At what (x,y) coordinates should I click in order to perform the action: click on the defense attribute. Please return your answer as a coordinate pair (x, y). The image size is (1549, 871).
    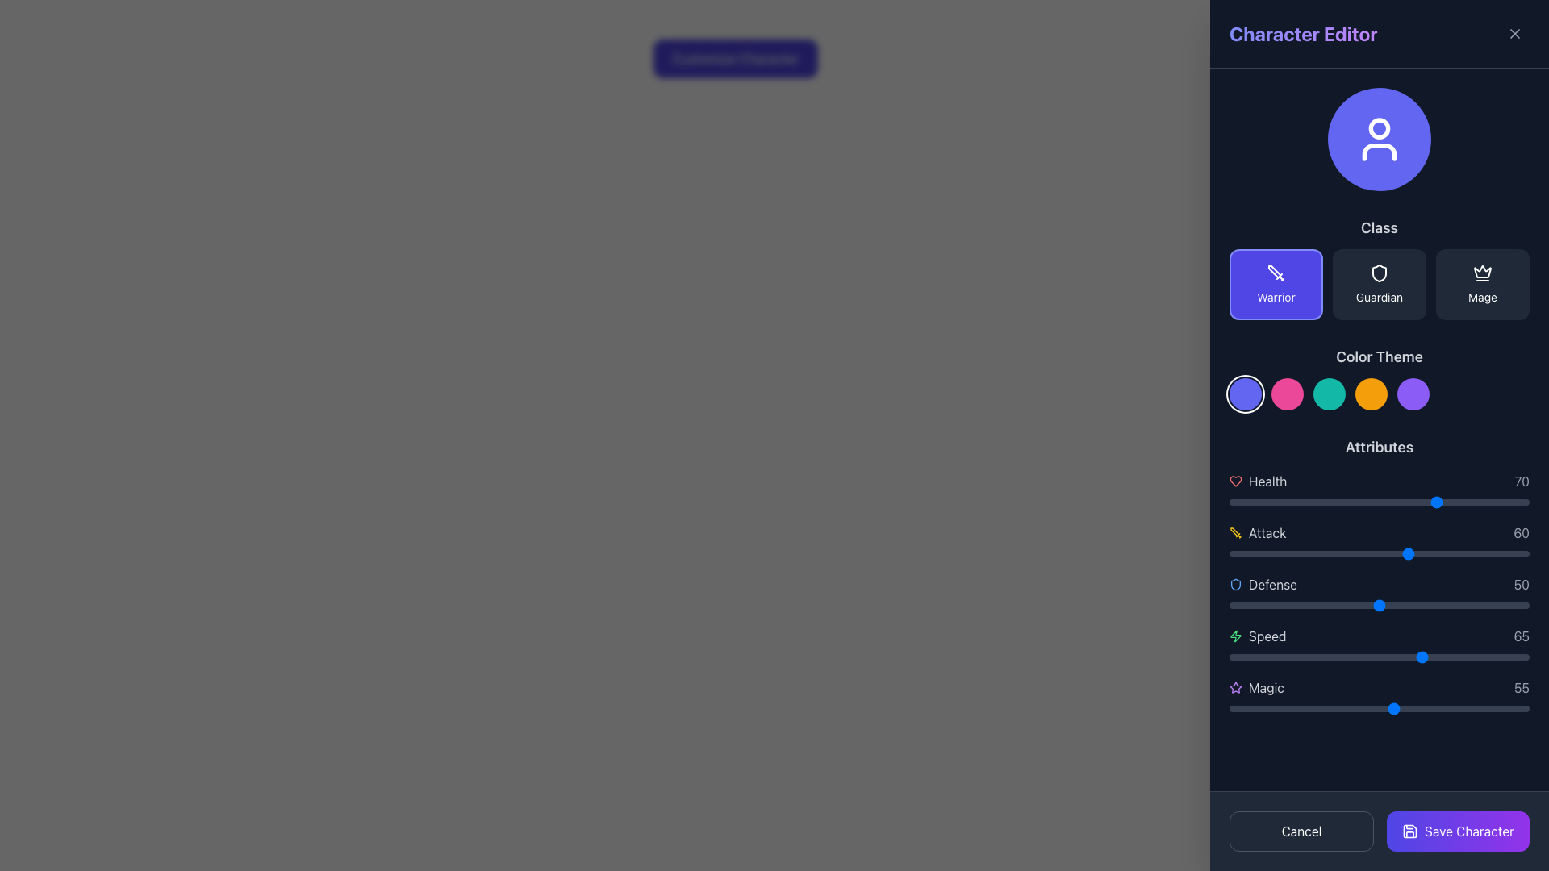
    Looking at the image, I should click on (1322, 606).